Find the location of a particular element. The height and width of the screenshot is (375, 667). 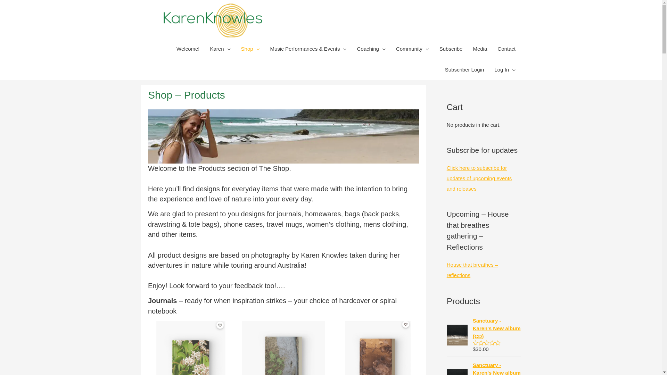

'Sanctuary - Karen's New album (CD)' is located at coordinates (472, 328).